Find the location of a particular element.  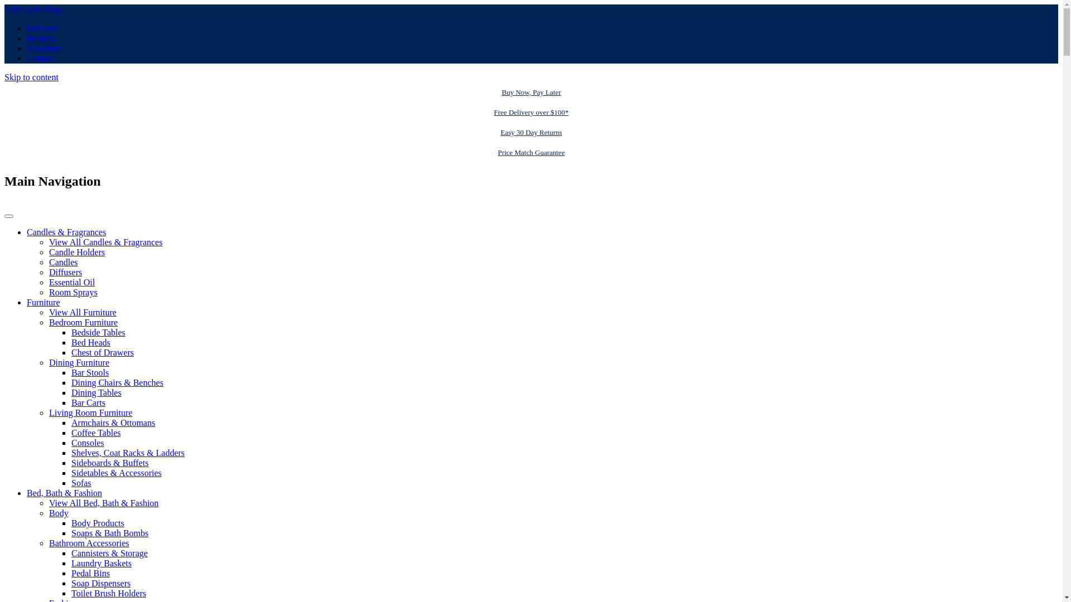

'Bed, Bath & Fashion' is located at coordinates (27, 492).